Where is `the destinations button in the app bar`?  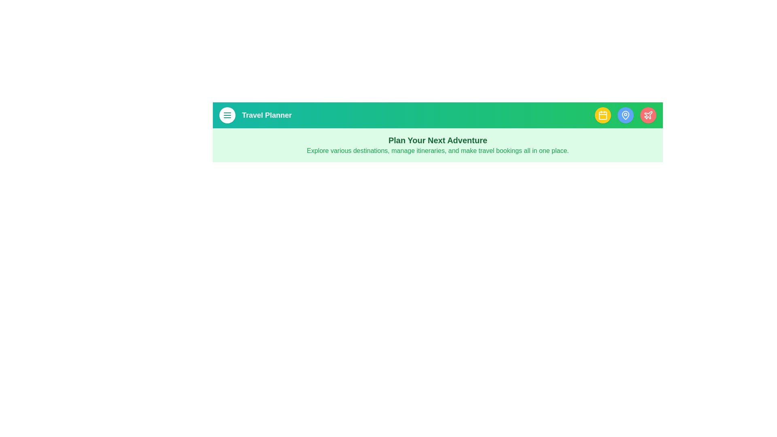
the destinations button in the app bar is located at coordinates (625, 115).